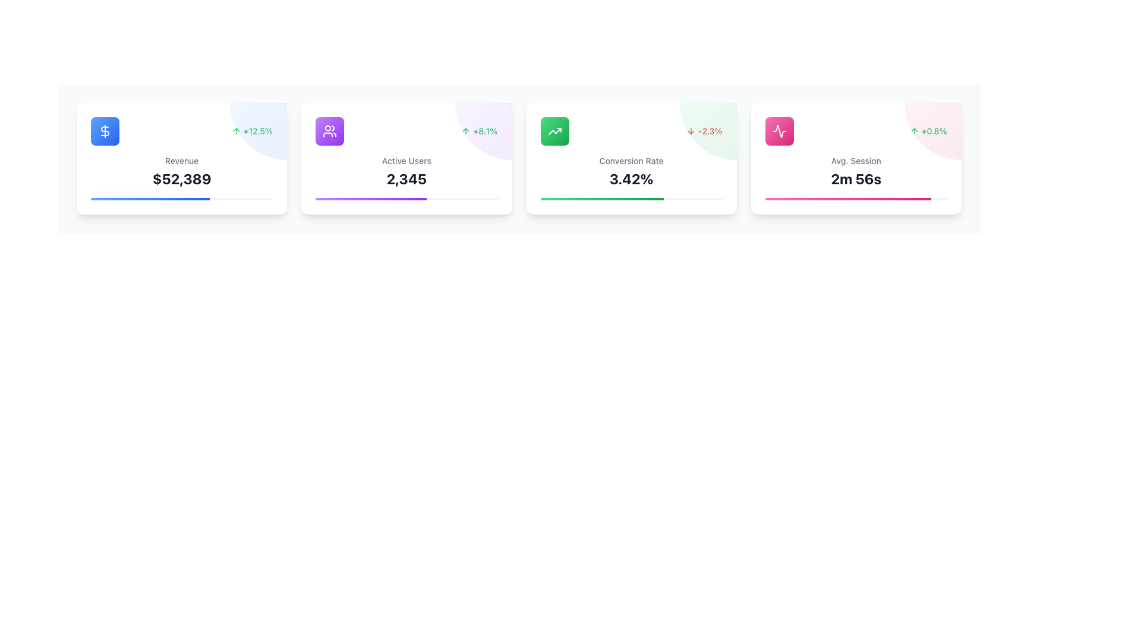  What do you see at coordinates (479, 131) in the screenshot?
I see `the Text Label displaying '+8.1%' in green color with an upward arrow icon, located on the right side of the 'Active Users' card, above the numeric value '2,345'` at bounding box center [479, 131].